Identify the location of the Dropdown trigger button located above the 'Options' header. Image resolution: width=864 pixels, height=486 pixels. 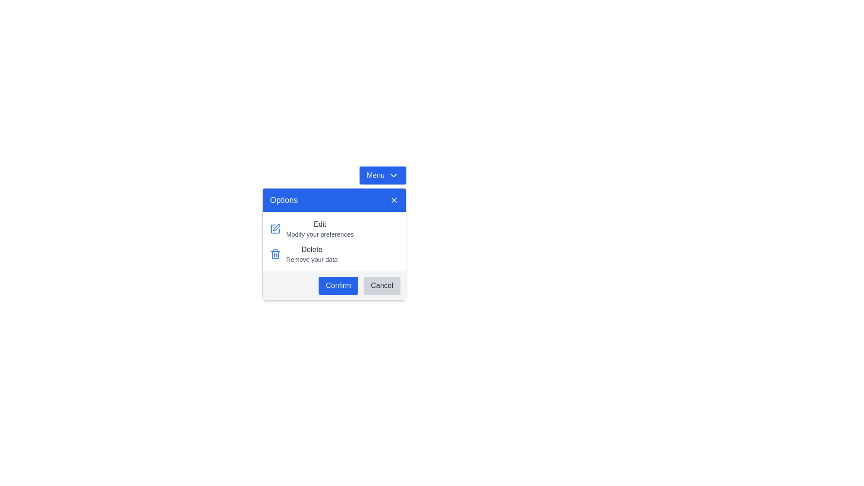
(382, 175).